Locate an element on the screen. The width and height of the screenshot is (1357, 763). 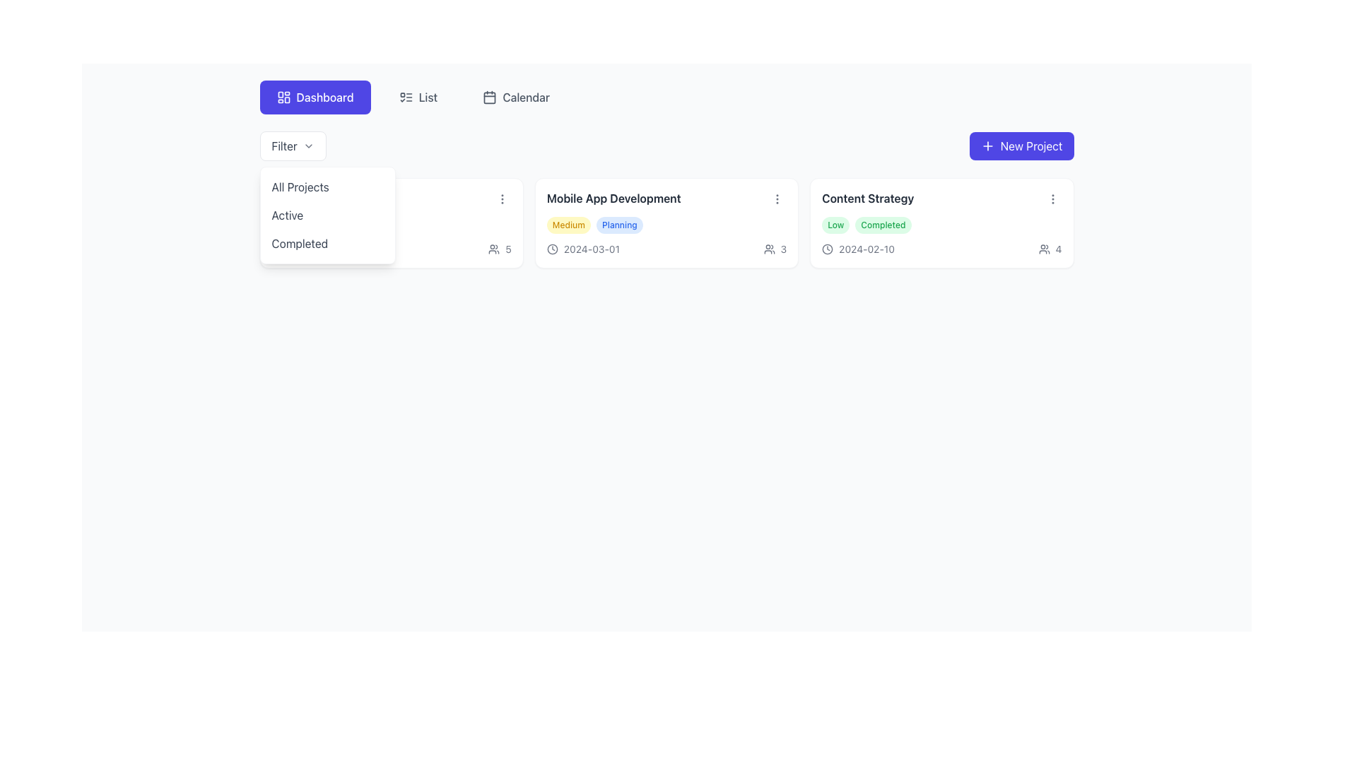
information displayed in the Data display indicating the date (2024-02-15) and count number (5) located in the third row of the 'Website Redesign' card is located at coordinates (392, 249).